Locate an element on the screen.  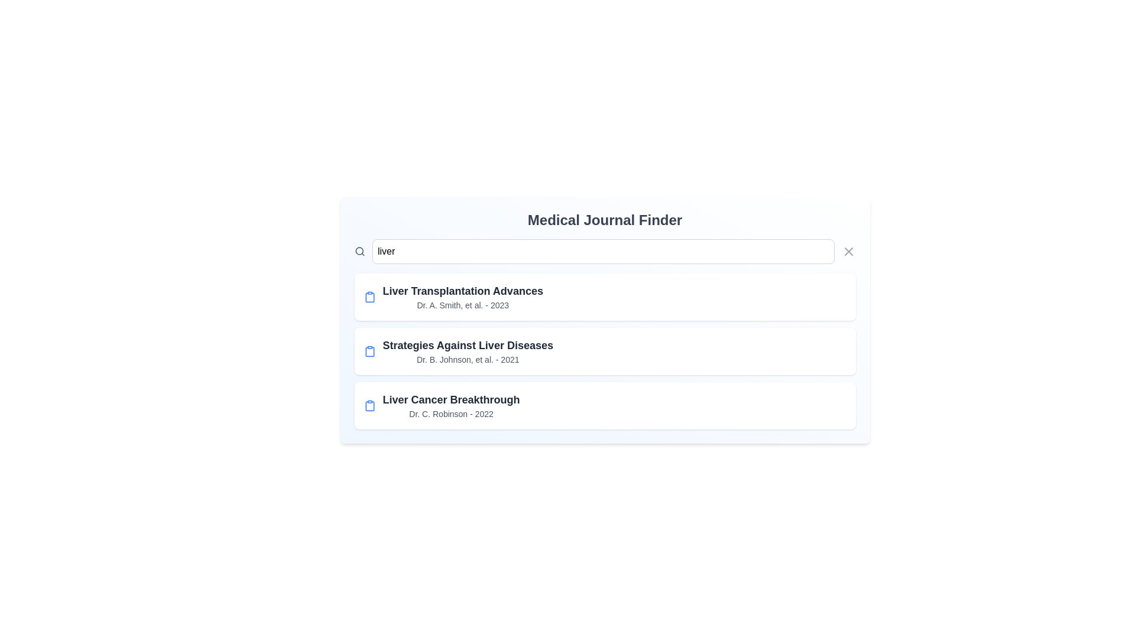
descriptive title text label that serves as a summary for the journal entry, located in the second item of a vertically arranged list within a card-style layout, positioned above the text 'Dr. B. Johnson, et al. - 2021' is located at coordinates (467, 346).